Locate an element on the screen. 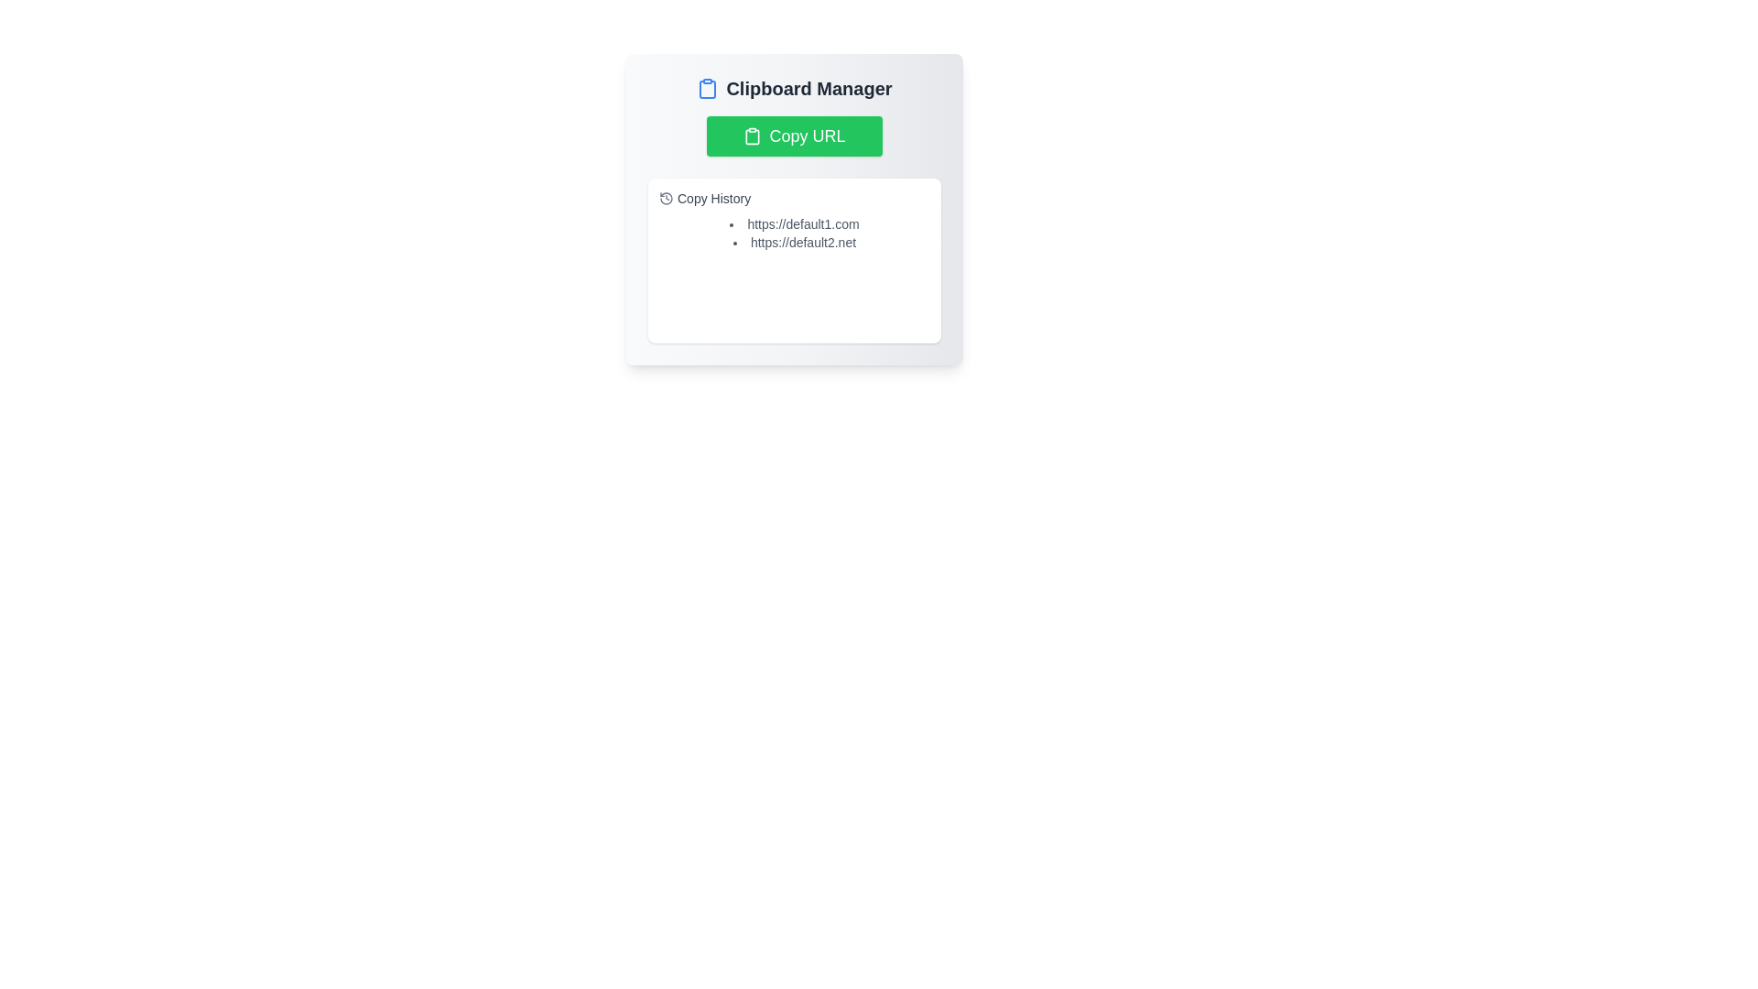 This screenshot has height=989, width=1758. the header element labeled 'Clipboard Manager', which features a bold title and a blue clipboard icon, positioned at the top of a card-like structure is located at coordinates (795, 88).